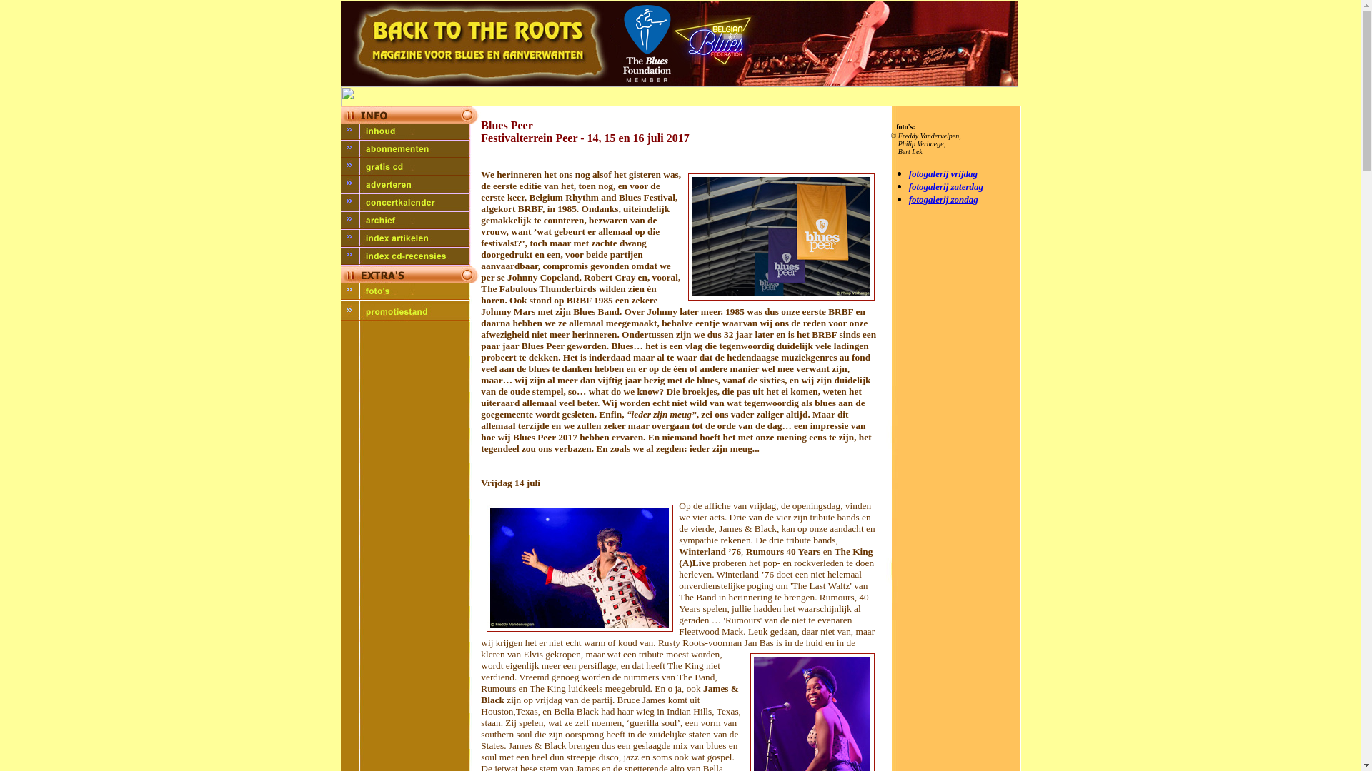 The height and width of the screenshot is (771, 1372). I want to click on 'fotogalerij zondag', so click(943, 199).